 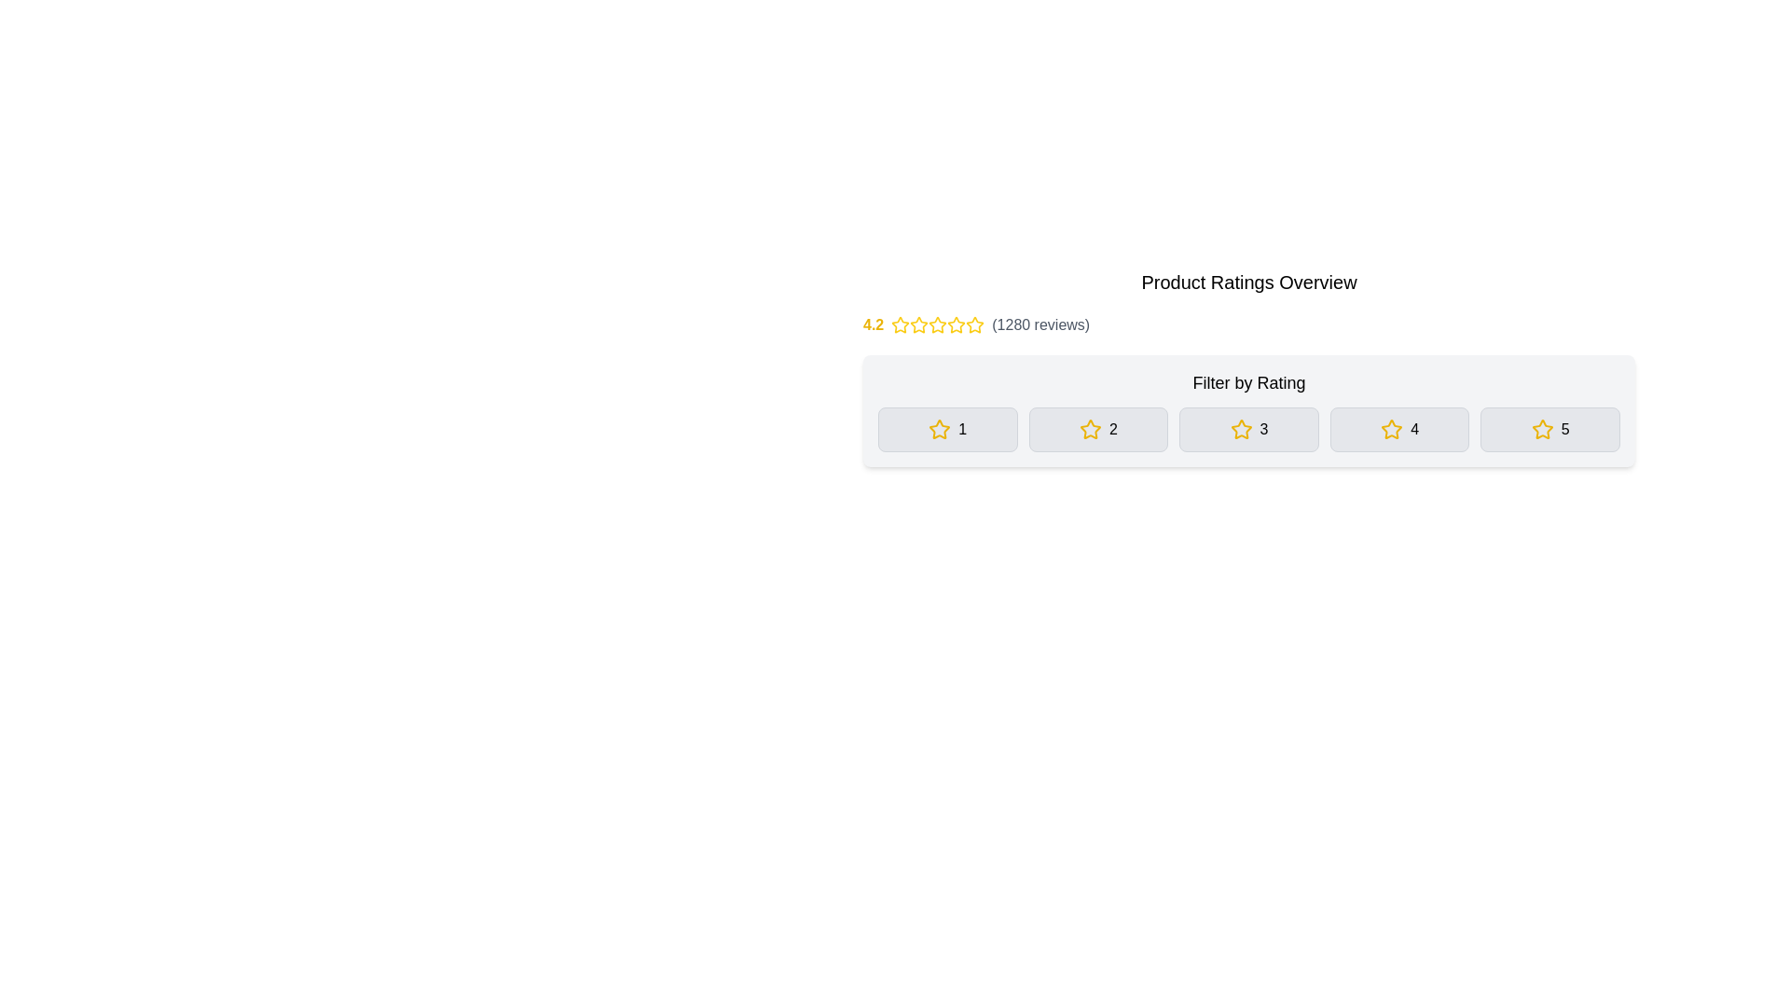 What do you see at coordinates (1542, 430) in the screenshot?
I see `the yellow star icon located to the left of the number '5' in the horizontal group of rating buttons` at bounding box center [1542, 430].